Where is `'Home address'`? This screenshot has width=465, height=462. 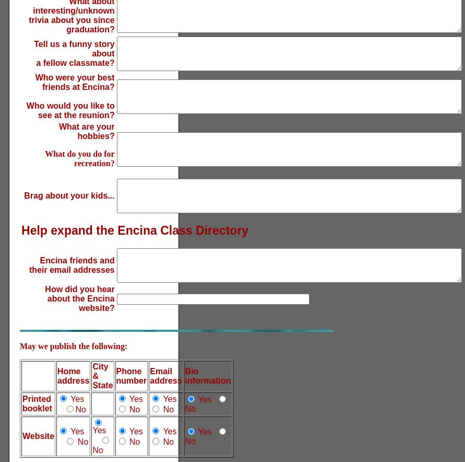 'Home address' is located at coordinates (73, 375).